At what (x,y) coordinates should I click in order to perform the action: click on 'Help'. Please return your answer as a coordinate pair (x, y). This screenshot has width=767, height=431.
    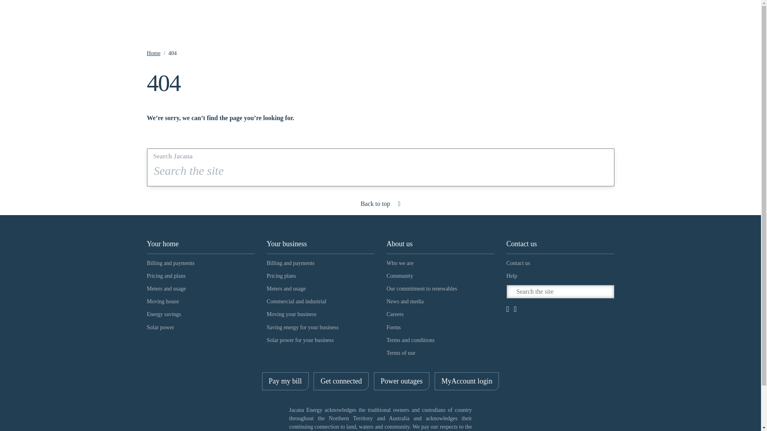
    Looking at the image, I should click on (560, 277).